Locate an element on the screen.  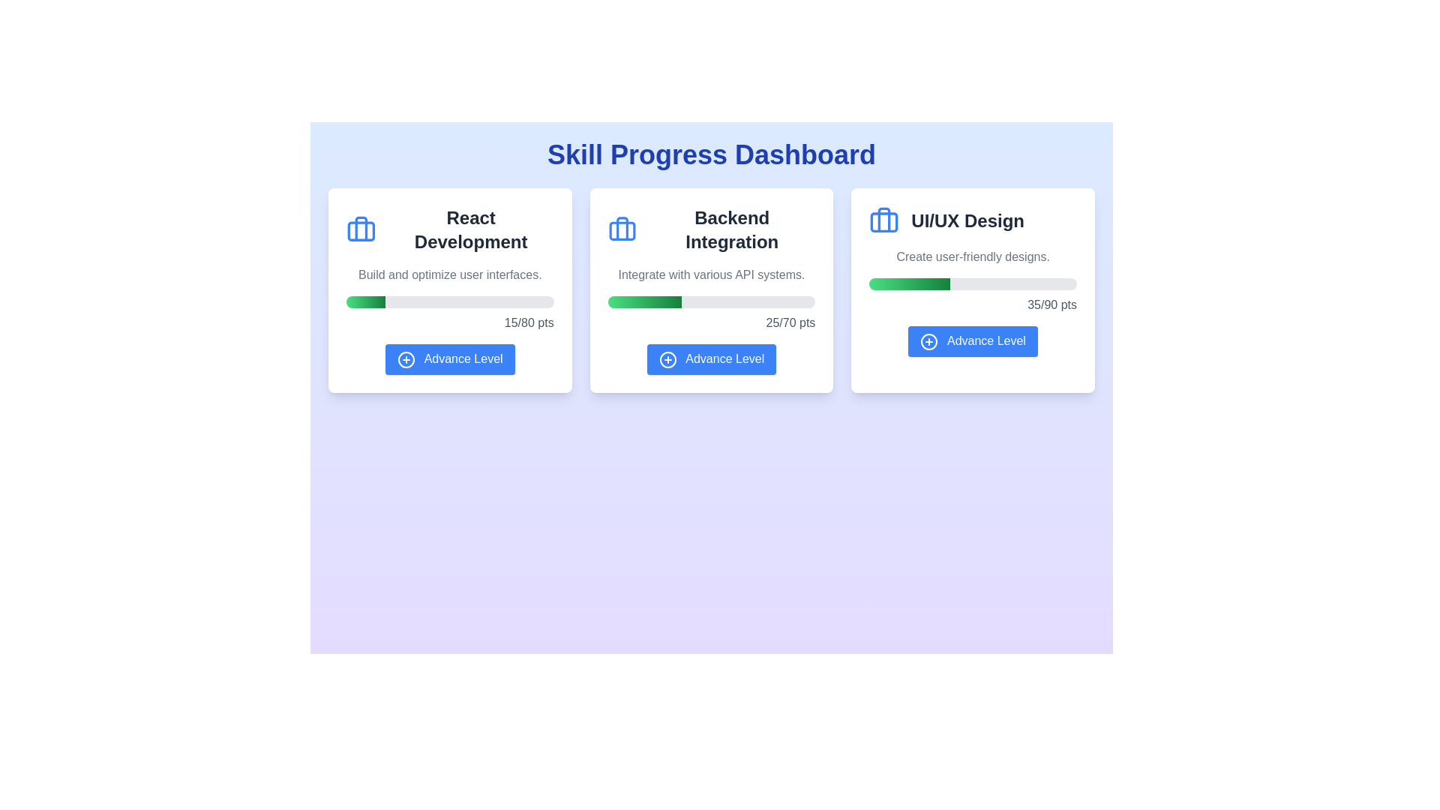
text from the title Text Block located at the top of the white rounded rectangular card in the first column of the three-column layout is located at coordinates (449, 230).